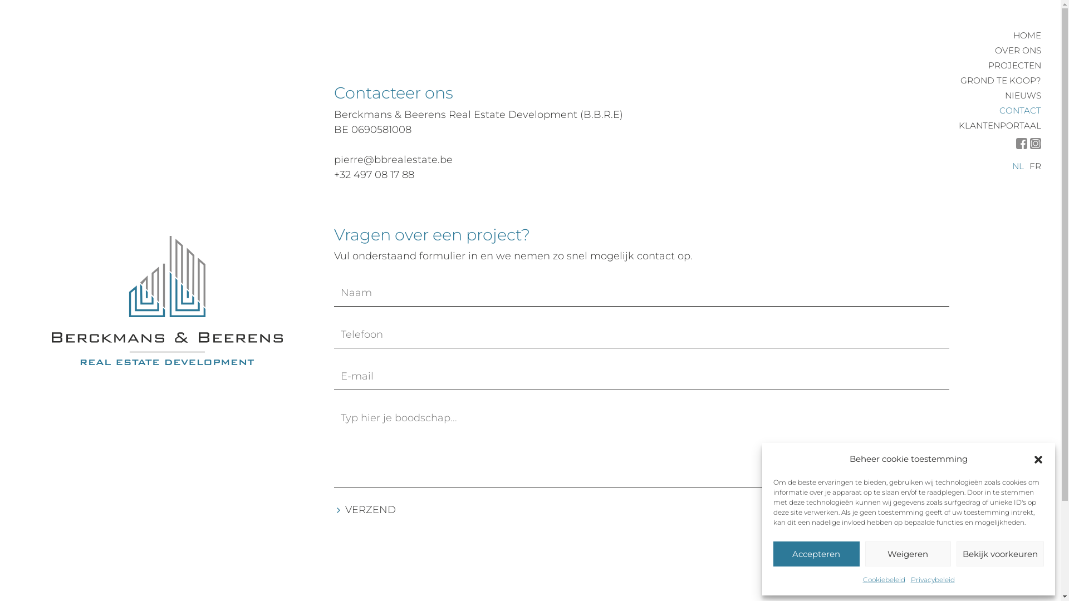  What do you see at coordinates (958, 125) in the screenshot?
I see `'KLANTENPORTAAL'` at bounding box center [958, 125].